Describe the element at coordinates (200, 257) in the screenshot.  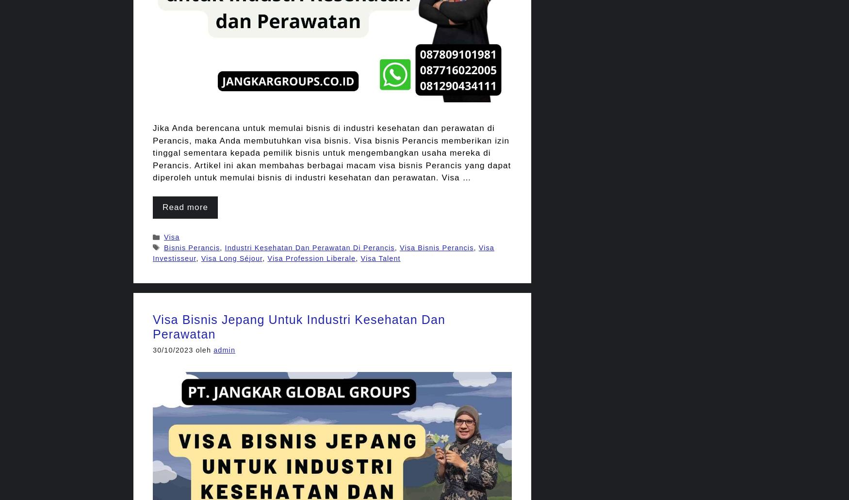
I see `'Visa Long Séjour'` at that location.